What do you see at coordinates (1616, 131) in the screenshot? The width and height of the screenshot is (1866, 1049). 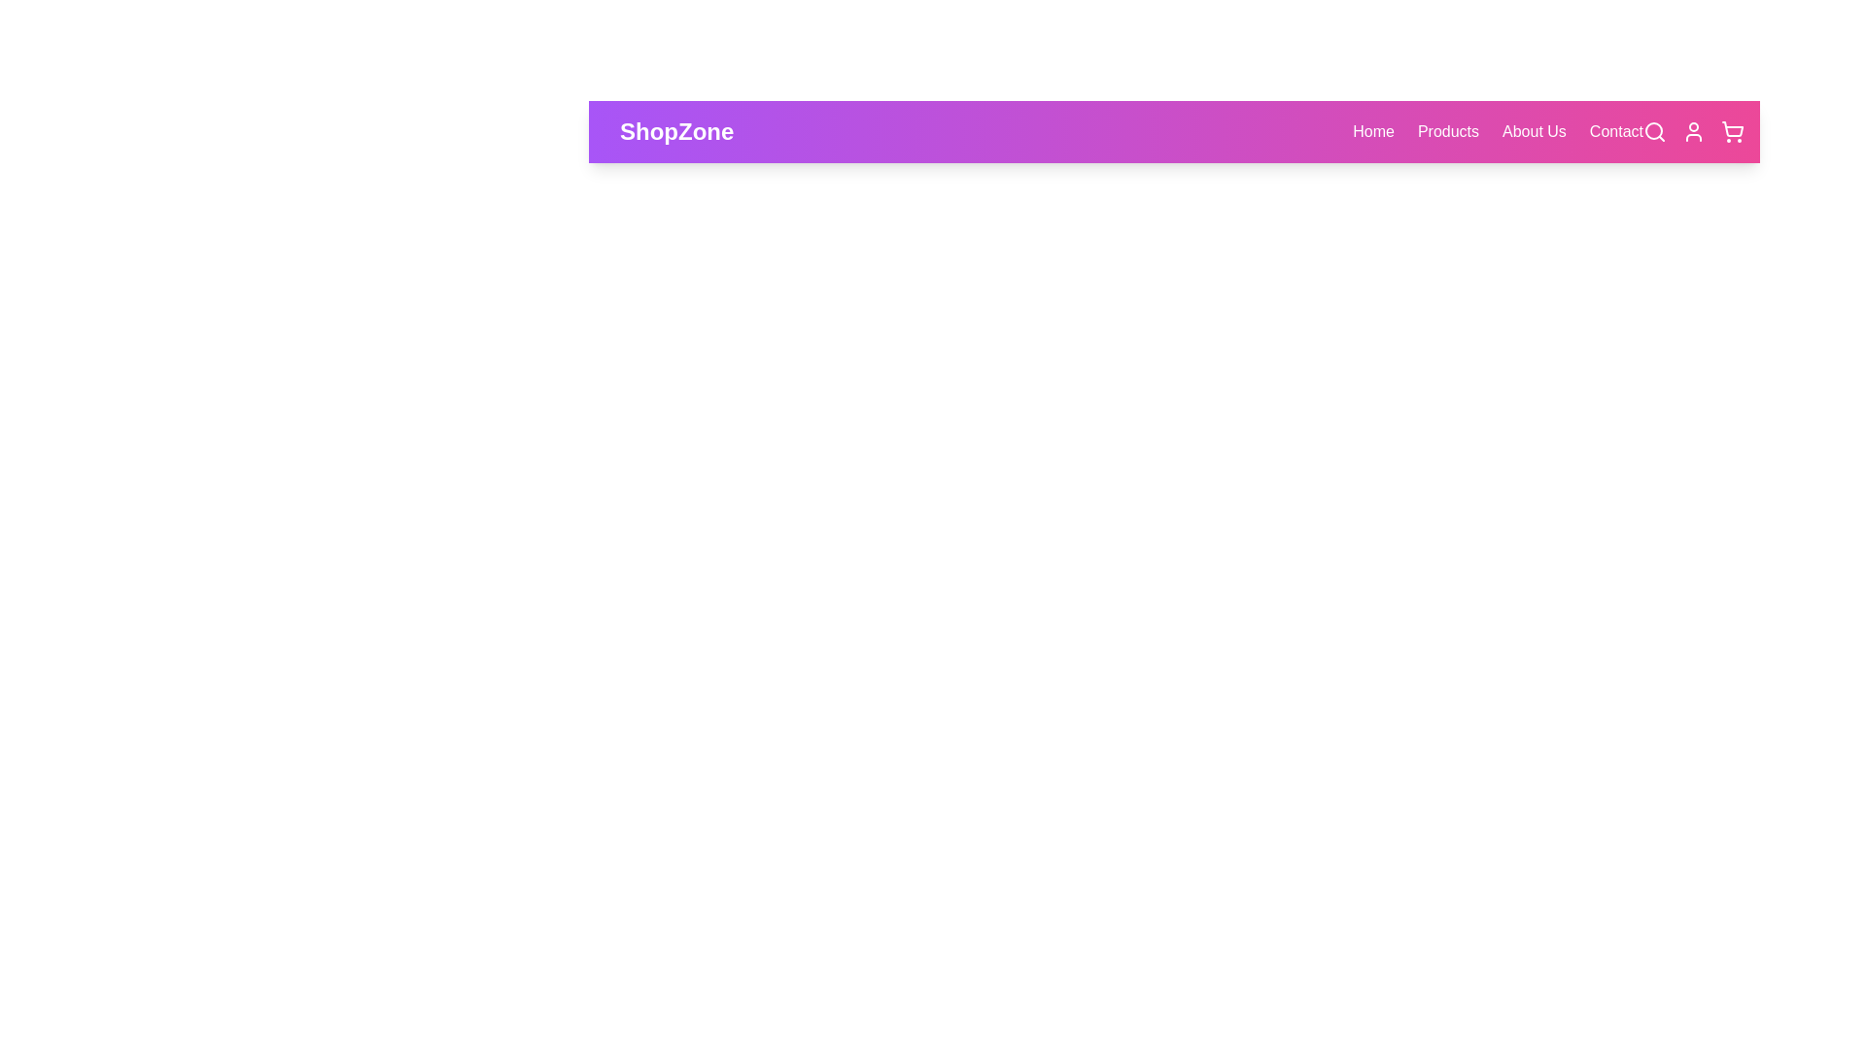 I see `the Contact link in the navigation bar to navigate to the respective section` at bounding box center [1616, 131].